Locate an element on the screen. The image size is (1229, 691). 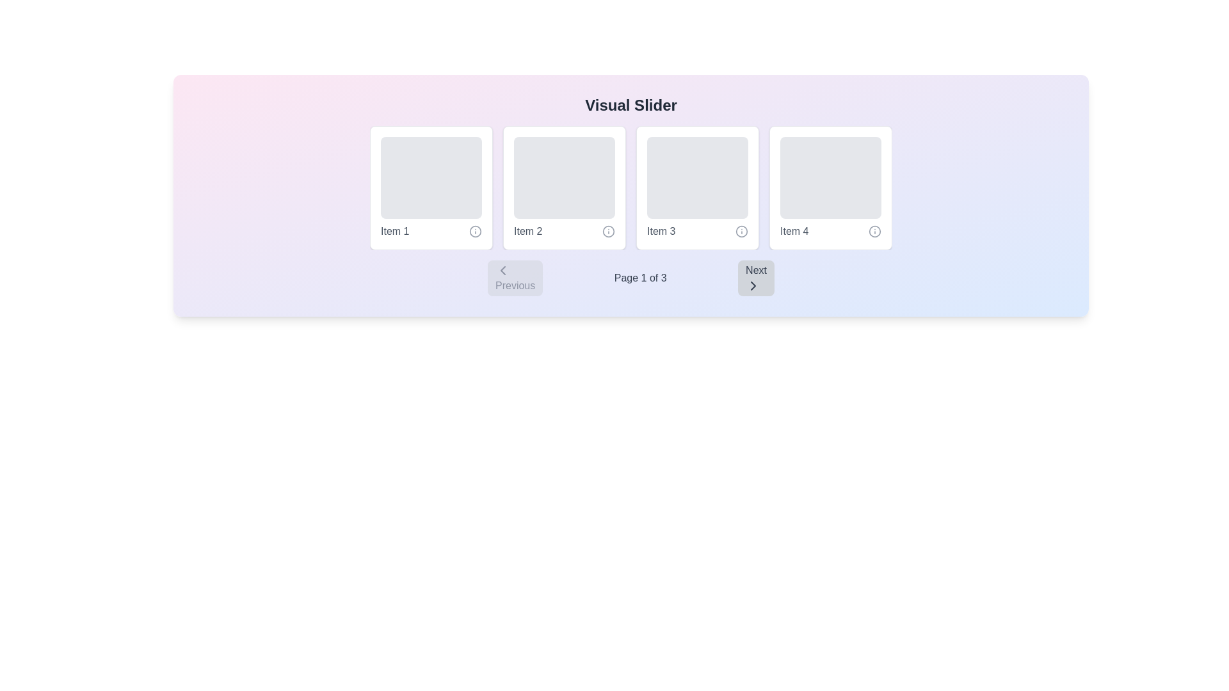
the information icon (circular outline) located at the lower right of the 'Item 4' card is located at coordinates (874, 232).